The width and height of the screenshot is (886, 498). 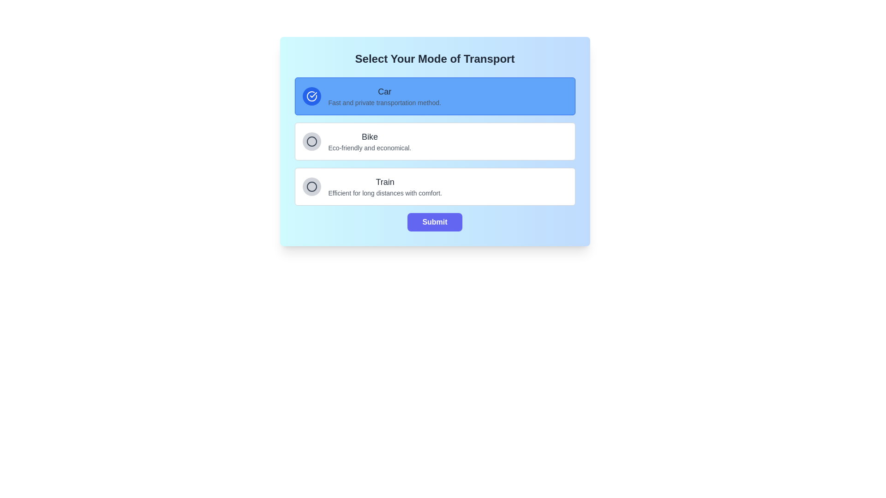 What do you see at coordinates (384, 103) in the screenshot?
I see `the static text label stating 'Fast and private transportation method.' which is positioned directly below the 'Car' label in the interface` at bounding box center [384, 103].